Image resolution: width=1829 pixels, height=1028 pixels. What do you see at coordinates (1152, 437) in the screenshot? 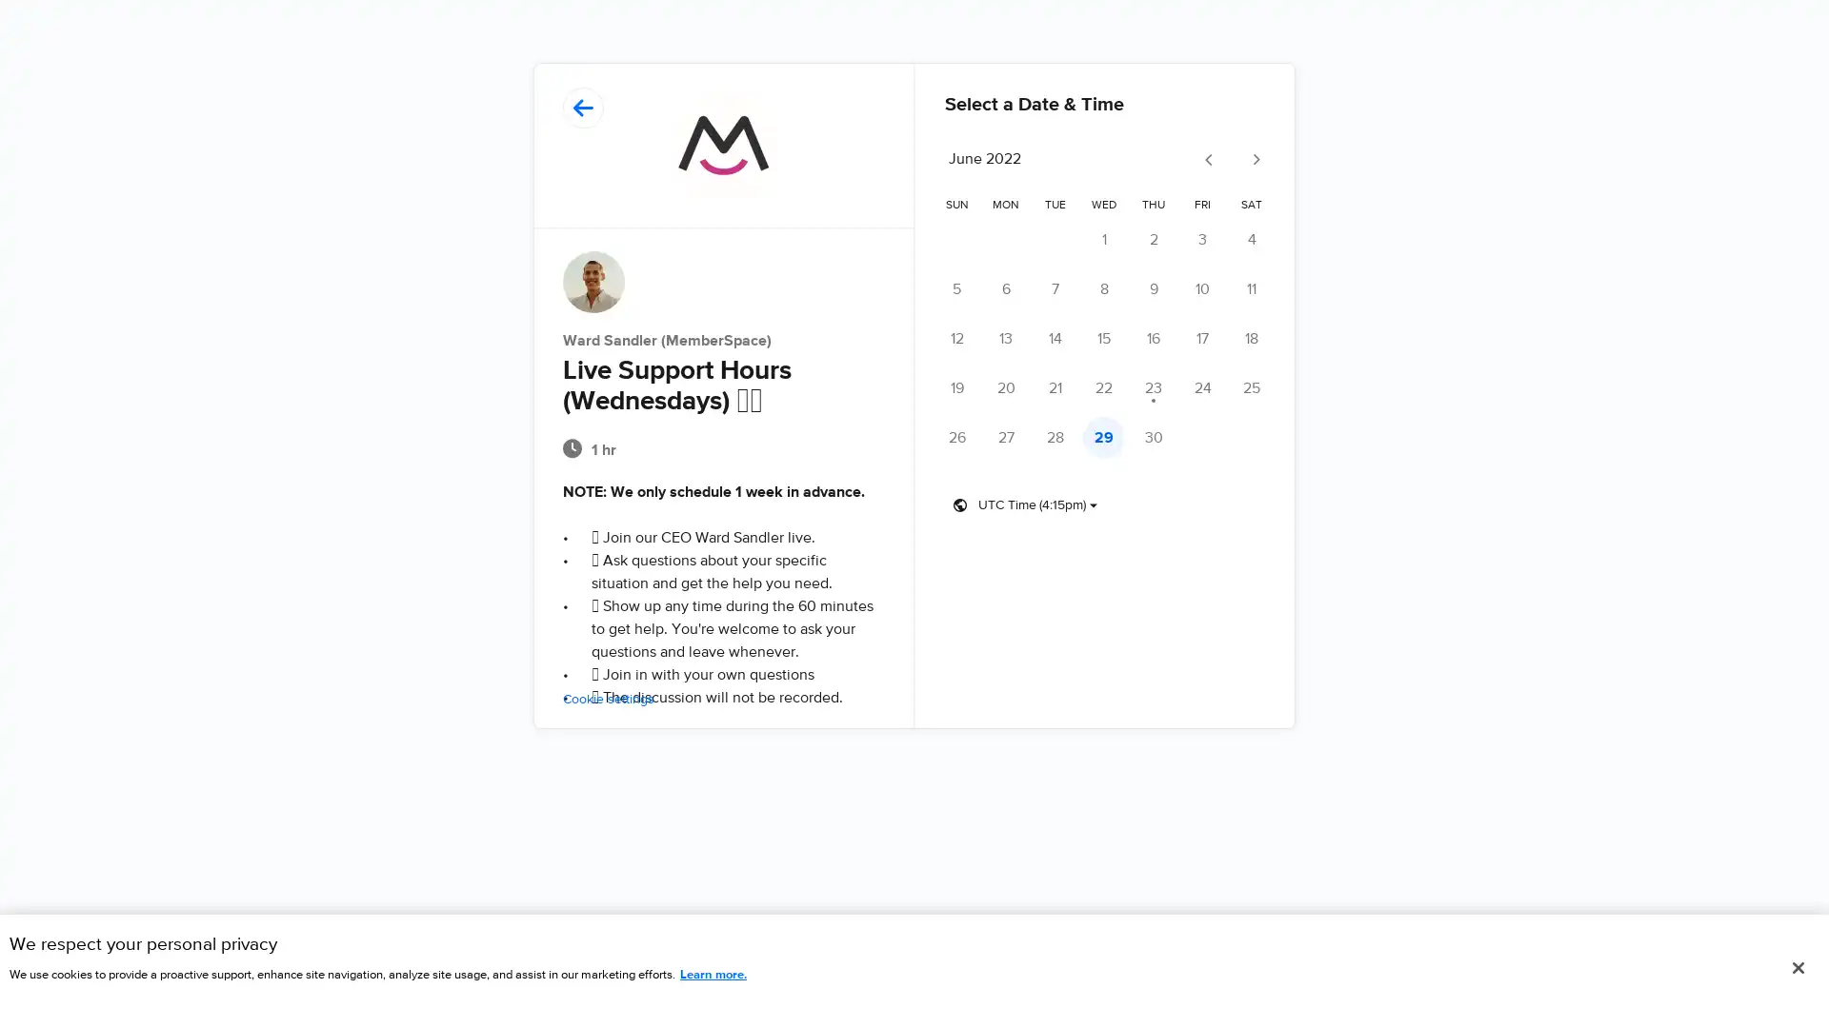
I see `Thursday, June 30 - No times available` at bounding box center [1152, 437].